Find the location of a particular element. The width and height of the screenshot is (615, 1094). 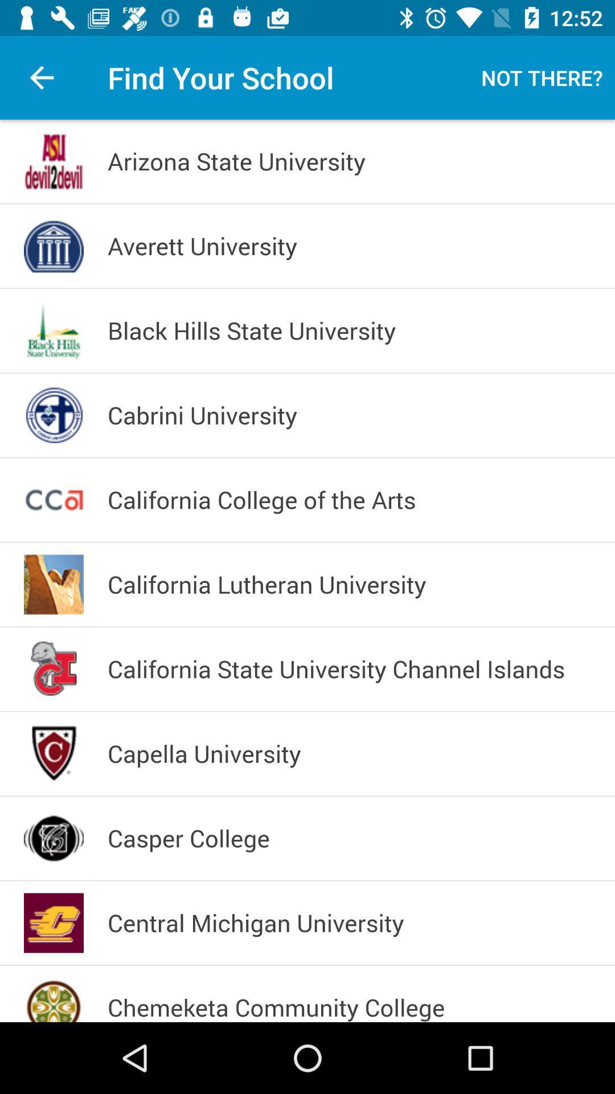

app to the left of find your school is located at coordinates (41, 77).